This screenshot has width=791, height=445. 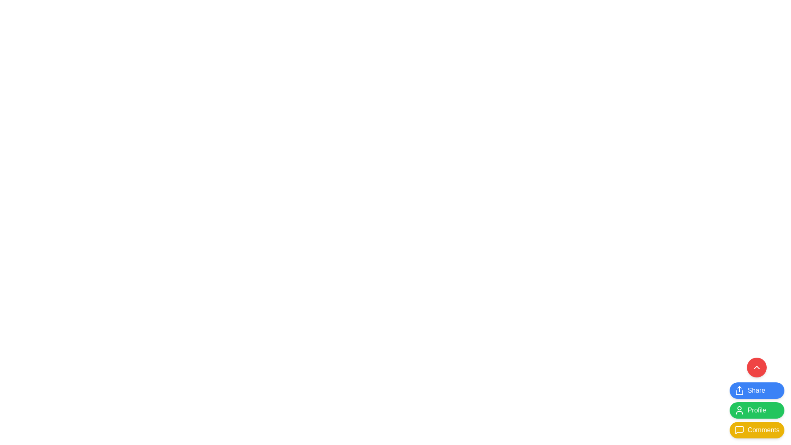 What do you see at coordinates (757, 367) in the screenshot?
I see `the upward-pointing chevron icon located inside the circular red button at the bottom right corner of the interface to initiate its function` at bounding box center [757, 367].